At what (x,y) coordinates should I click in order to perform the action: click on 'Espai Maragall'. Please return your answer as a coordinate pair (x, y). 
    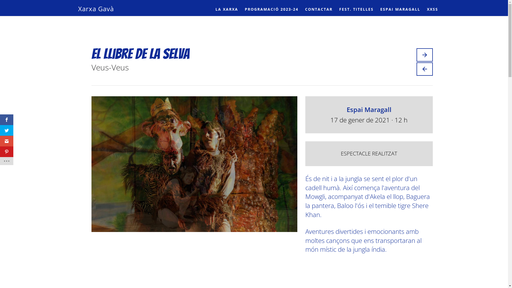
    Looking at the image, I should click on (347, 109).